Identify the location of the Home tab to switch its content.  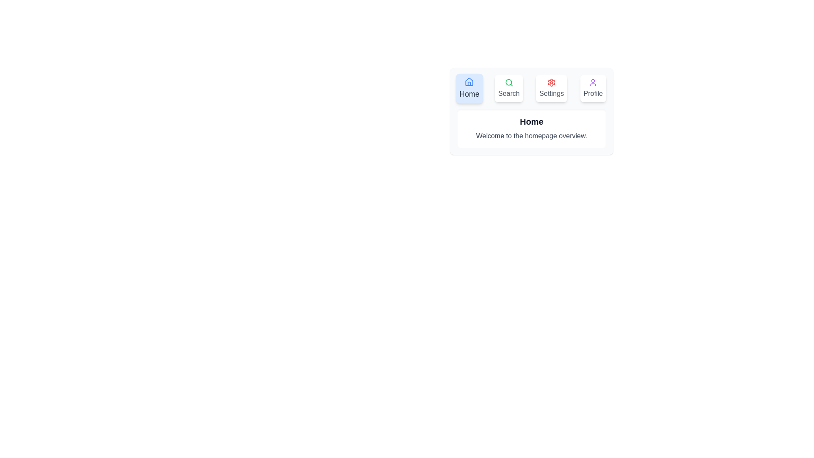
(469, 88).